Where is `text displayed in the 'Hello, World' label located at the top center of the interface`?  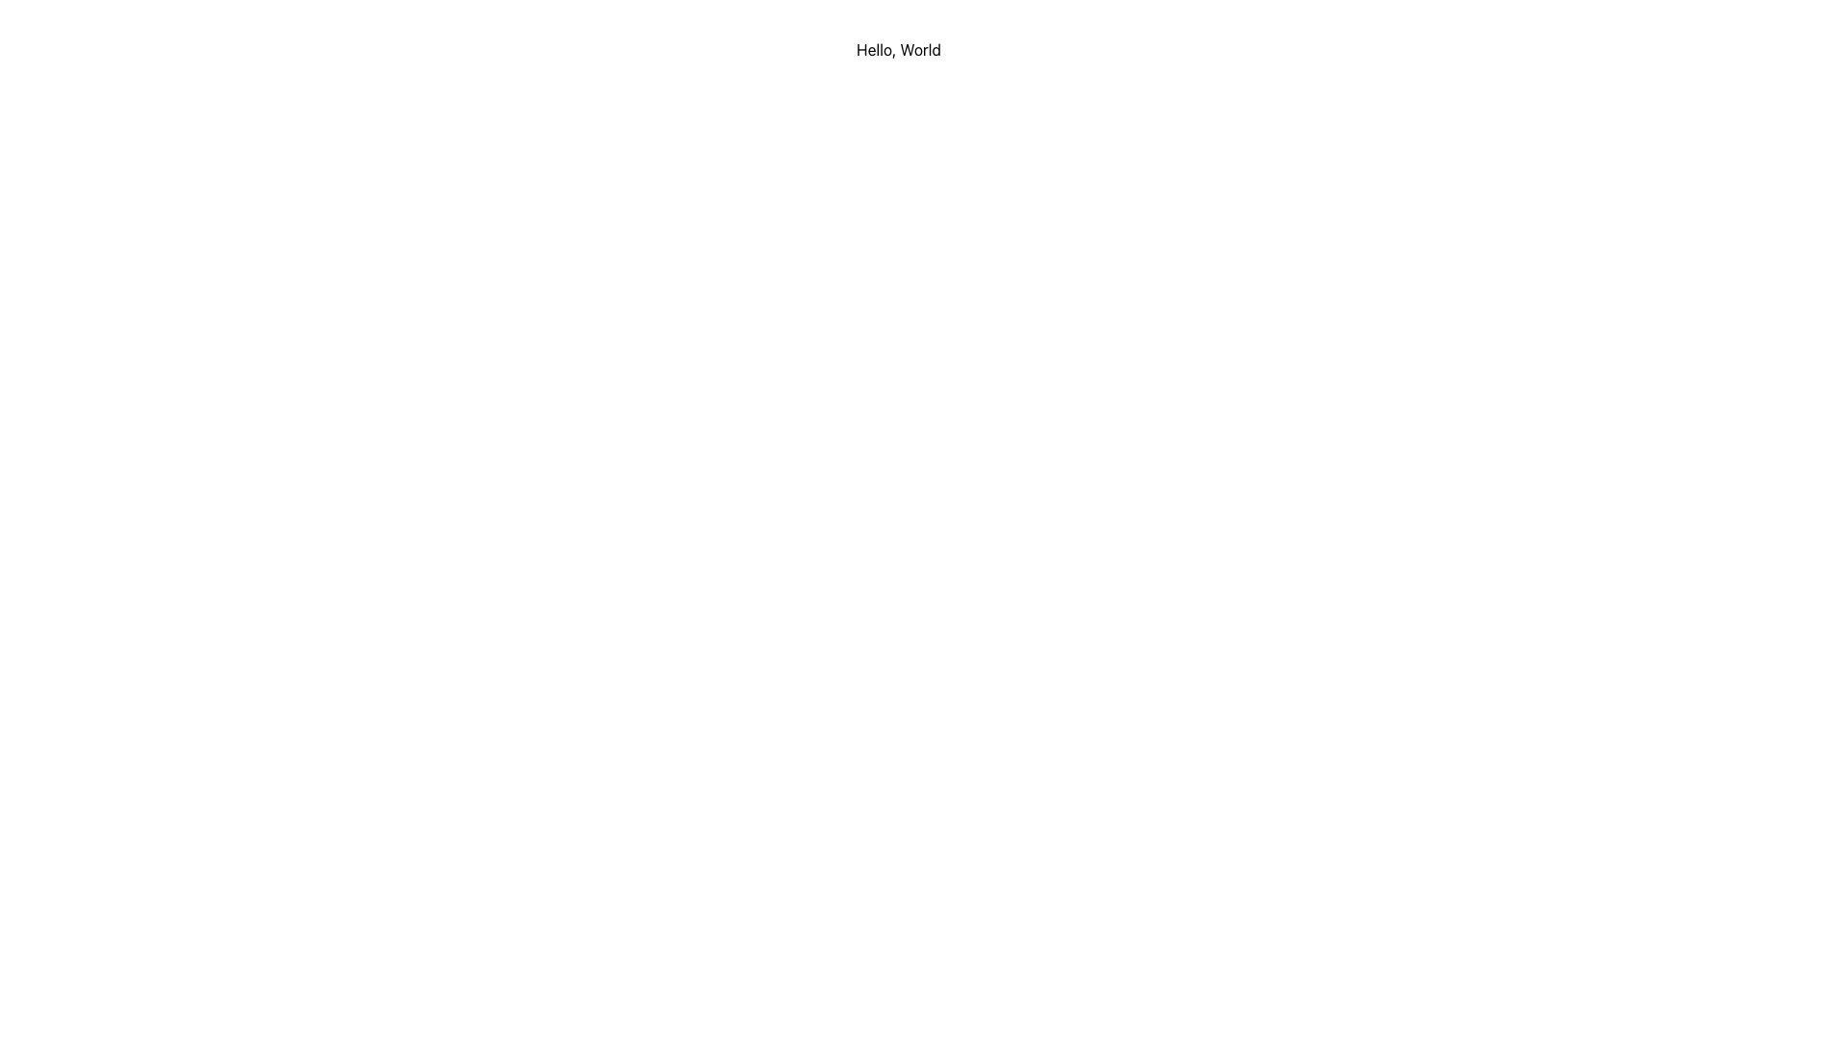 text displayed in the 'Hello, World' label located at the top center of the interface is located at coordinates (898, 48).